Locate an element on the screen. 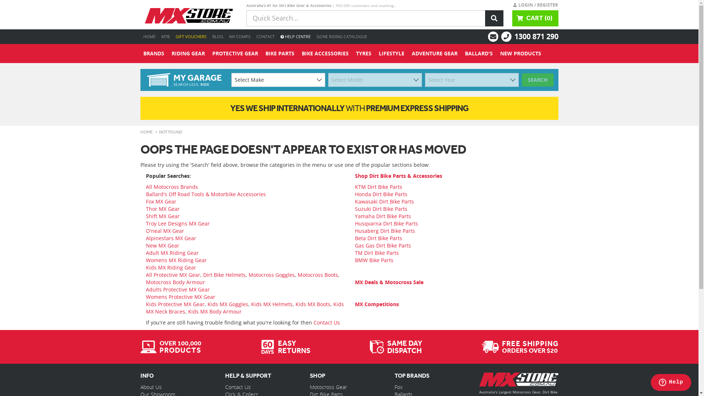 The image size is (704, 396). 'Troy Lee Designs MX Gear' is located at coordinates (177, 223).